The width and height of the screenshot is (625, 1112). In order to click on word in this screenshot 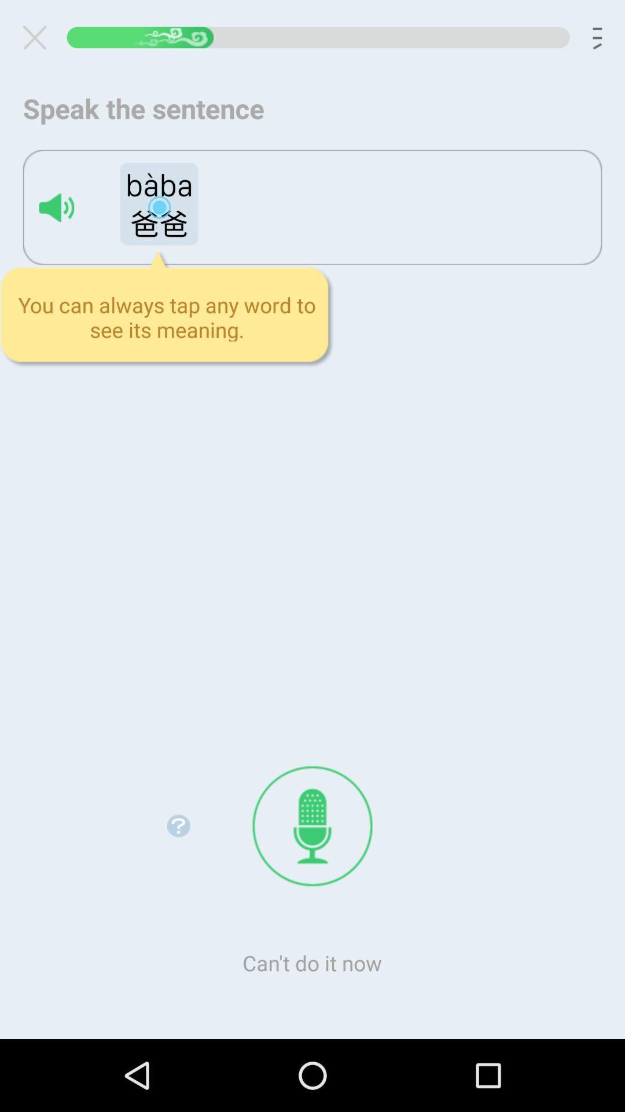, I will do `click(56, 207)`.